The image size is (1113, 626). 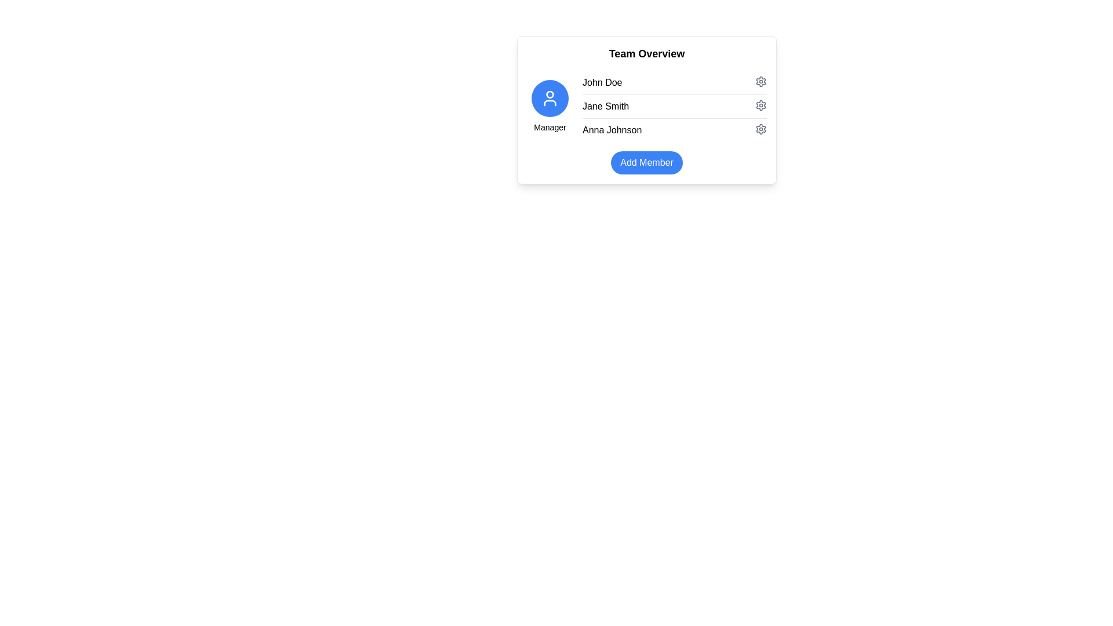 What do you see at coordinates (761, 105) in the screenshot?
I see `the second gear icon in the rightmost column` at bounding box center [761, 105].